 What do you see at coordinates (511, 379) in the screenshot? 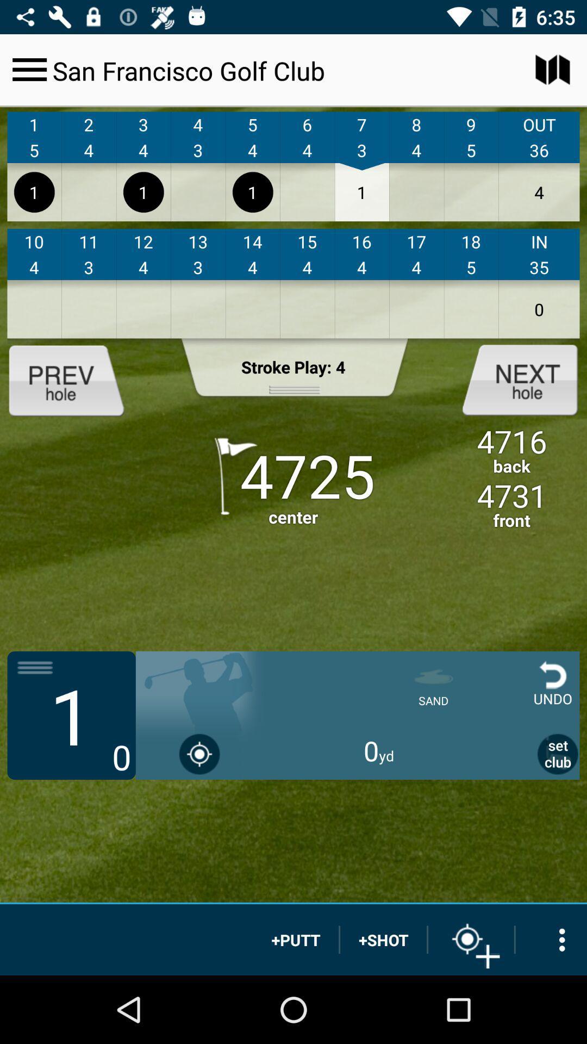
I see `next options` at bounding box center [511, 379].